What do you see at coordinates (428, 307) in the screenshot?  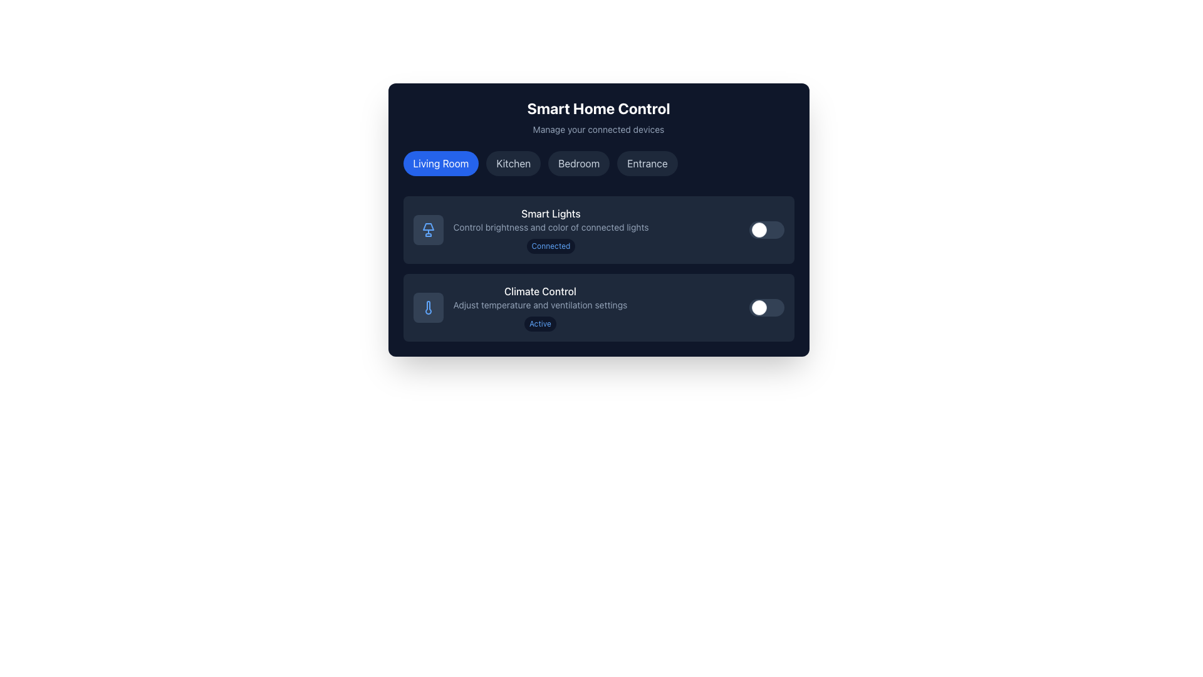 I see `the 'Climate Control' icon, which is located in the 'Climate Control' section of the panel, to the left of the label 'Adjust temperature and ventilation settings'` at bounding box center [428, 307].